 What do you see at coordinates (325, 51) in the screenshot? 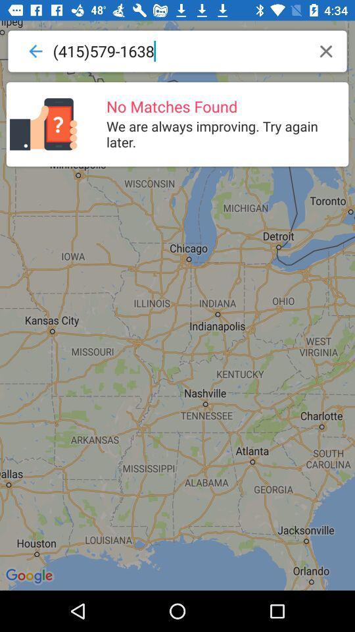
I see `the item above the we are always icon` at bounding box center [325, 51].